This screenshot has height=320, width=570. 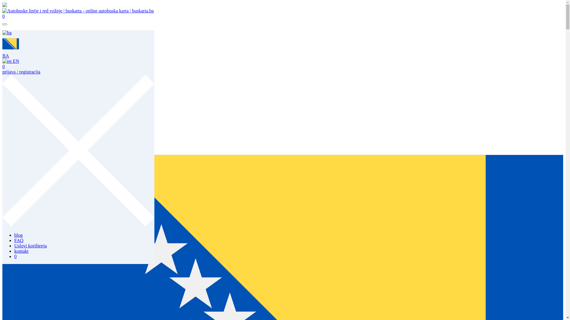 I want to click on 'FAQ', so click(x=14, y=240).